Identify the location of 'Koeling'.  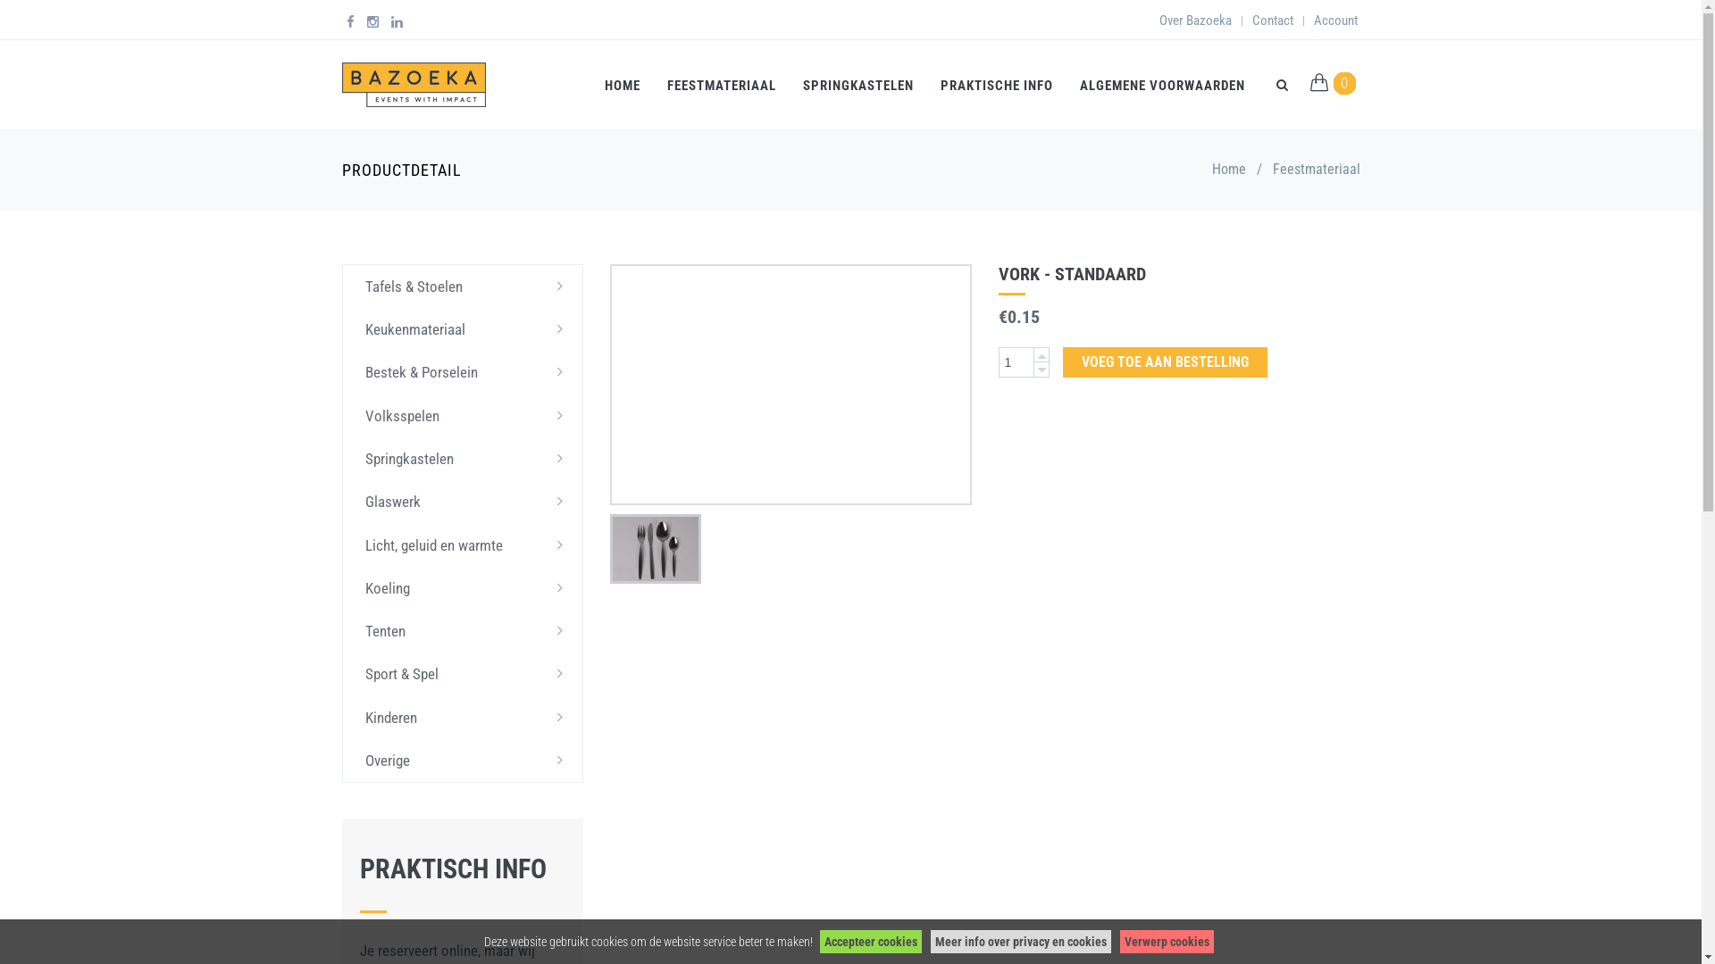
(463, 588).